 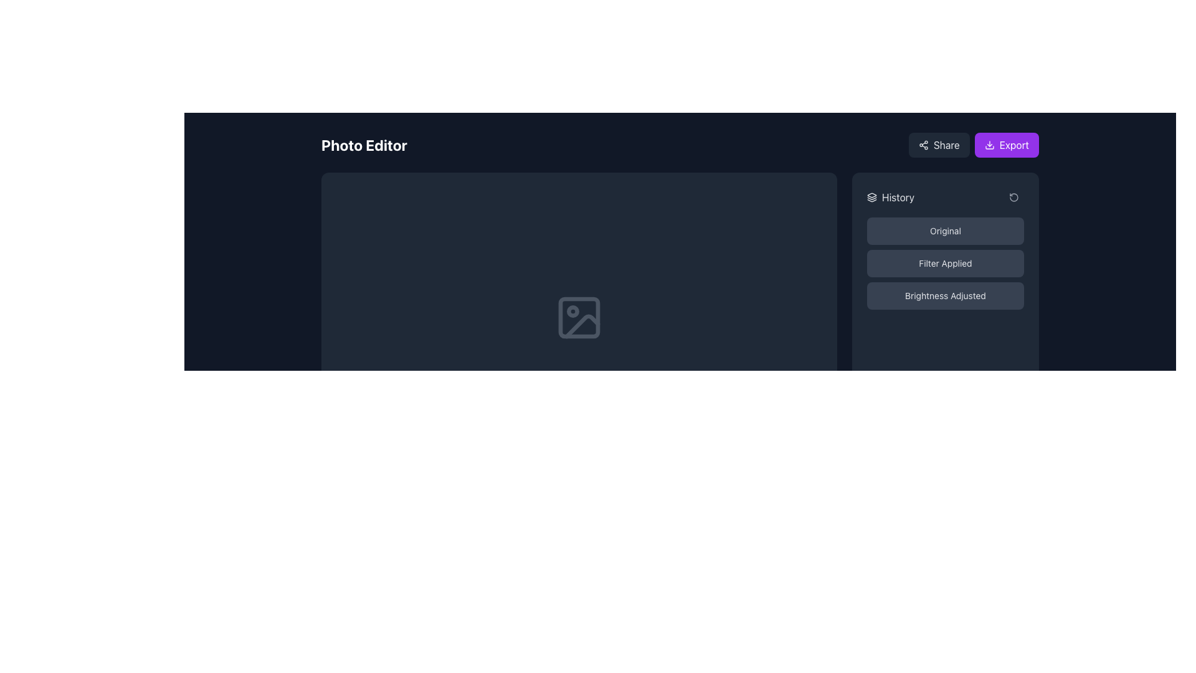 I want to click on the 'Change Image' button, which is a rectangular button with a white background and rounded corners, so click(x=579, y=317).